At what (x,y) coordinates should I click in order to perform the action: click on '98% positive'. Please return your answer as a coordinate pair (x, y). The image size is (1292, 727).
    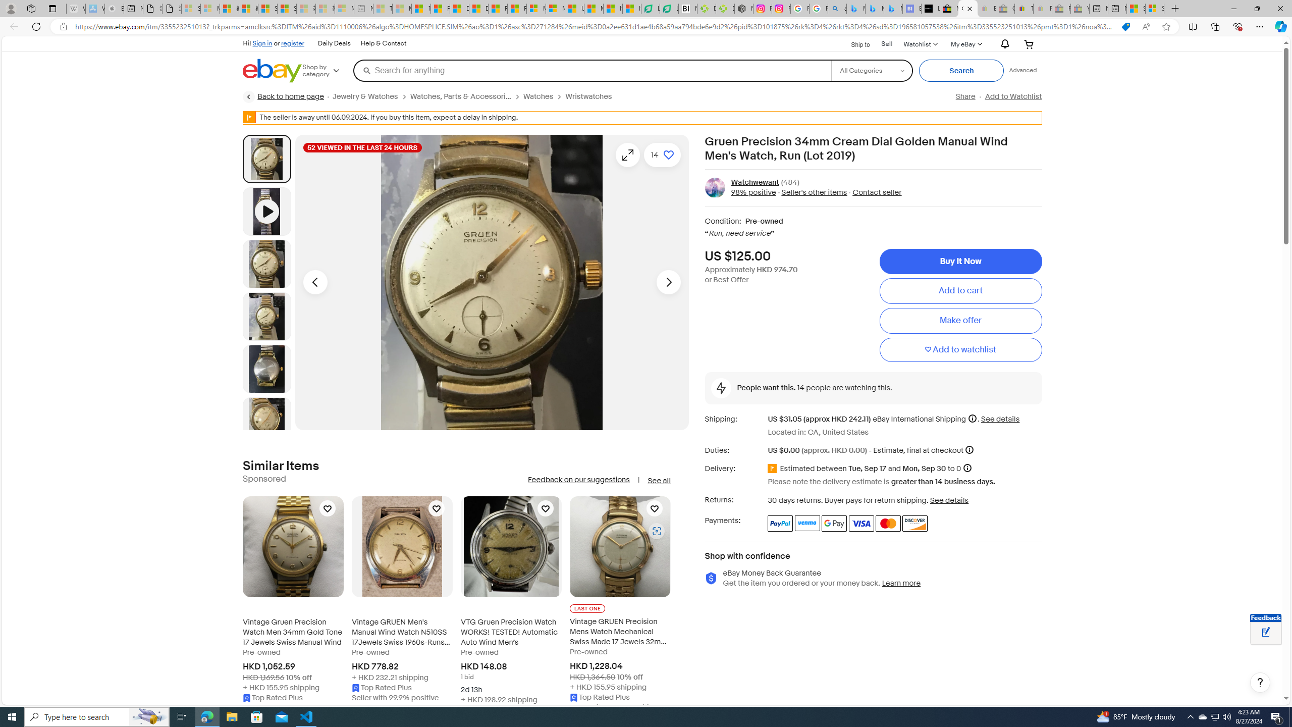
    Looking at the image, I should click on (753, 192).